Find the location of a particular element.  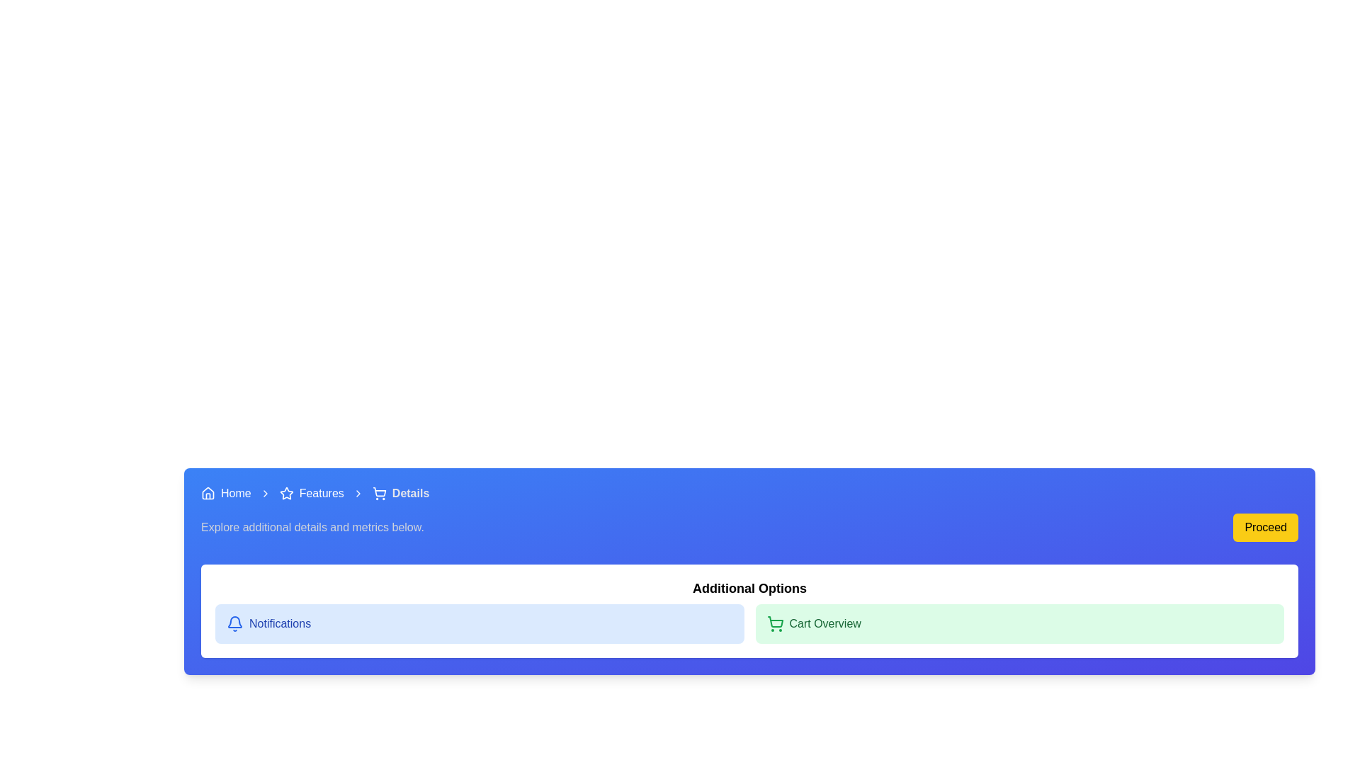

the shopping cart icon which is part of the 'Cart Overview' button in the 'Additional Options' section is located at coordinates (774, 621).